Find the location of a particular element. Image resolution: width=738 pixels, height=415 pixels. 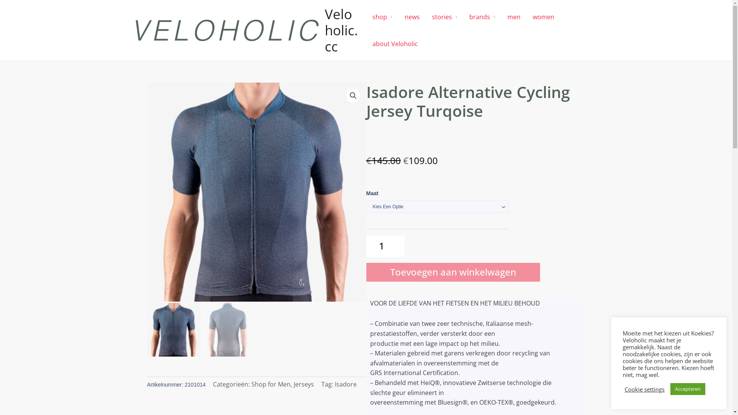

'news' is located at coordinates (412, 17).